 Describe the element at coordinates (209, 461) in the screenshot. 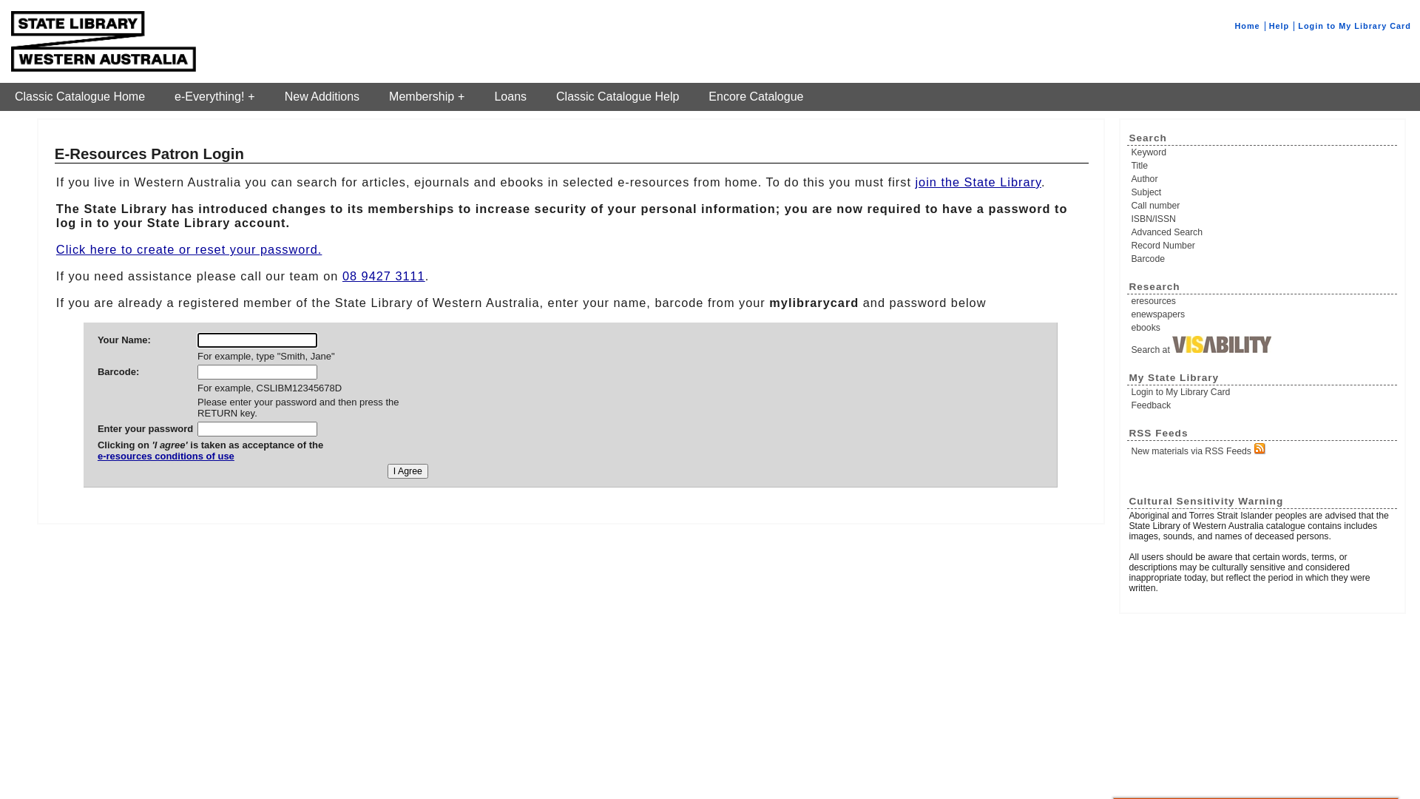

I see `'e-resources conditions of use'` at that location.